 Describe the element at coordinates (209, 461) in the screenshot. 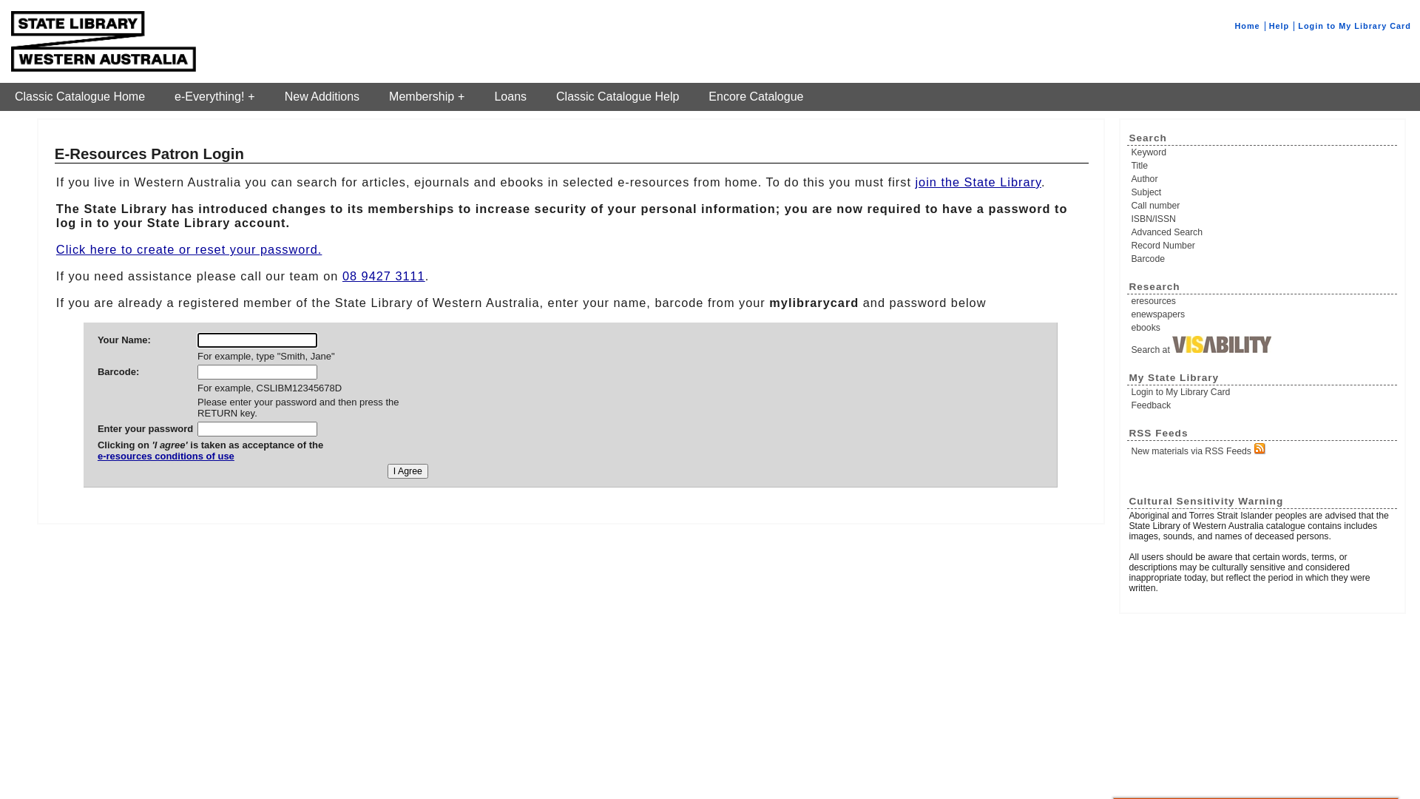

I see `'e-resources conditions of use'` at that location.